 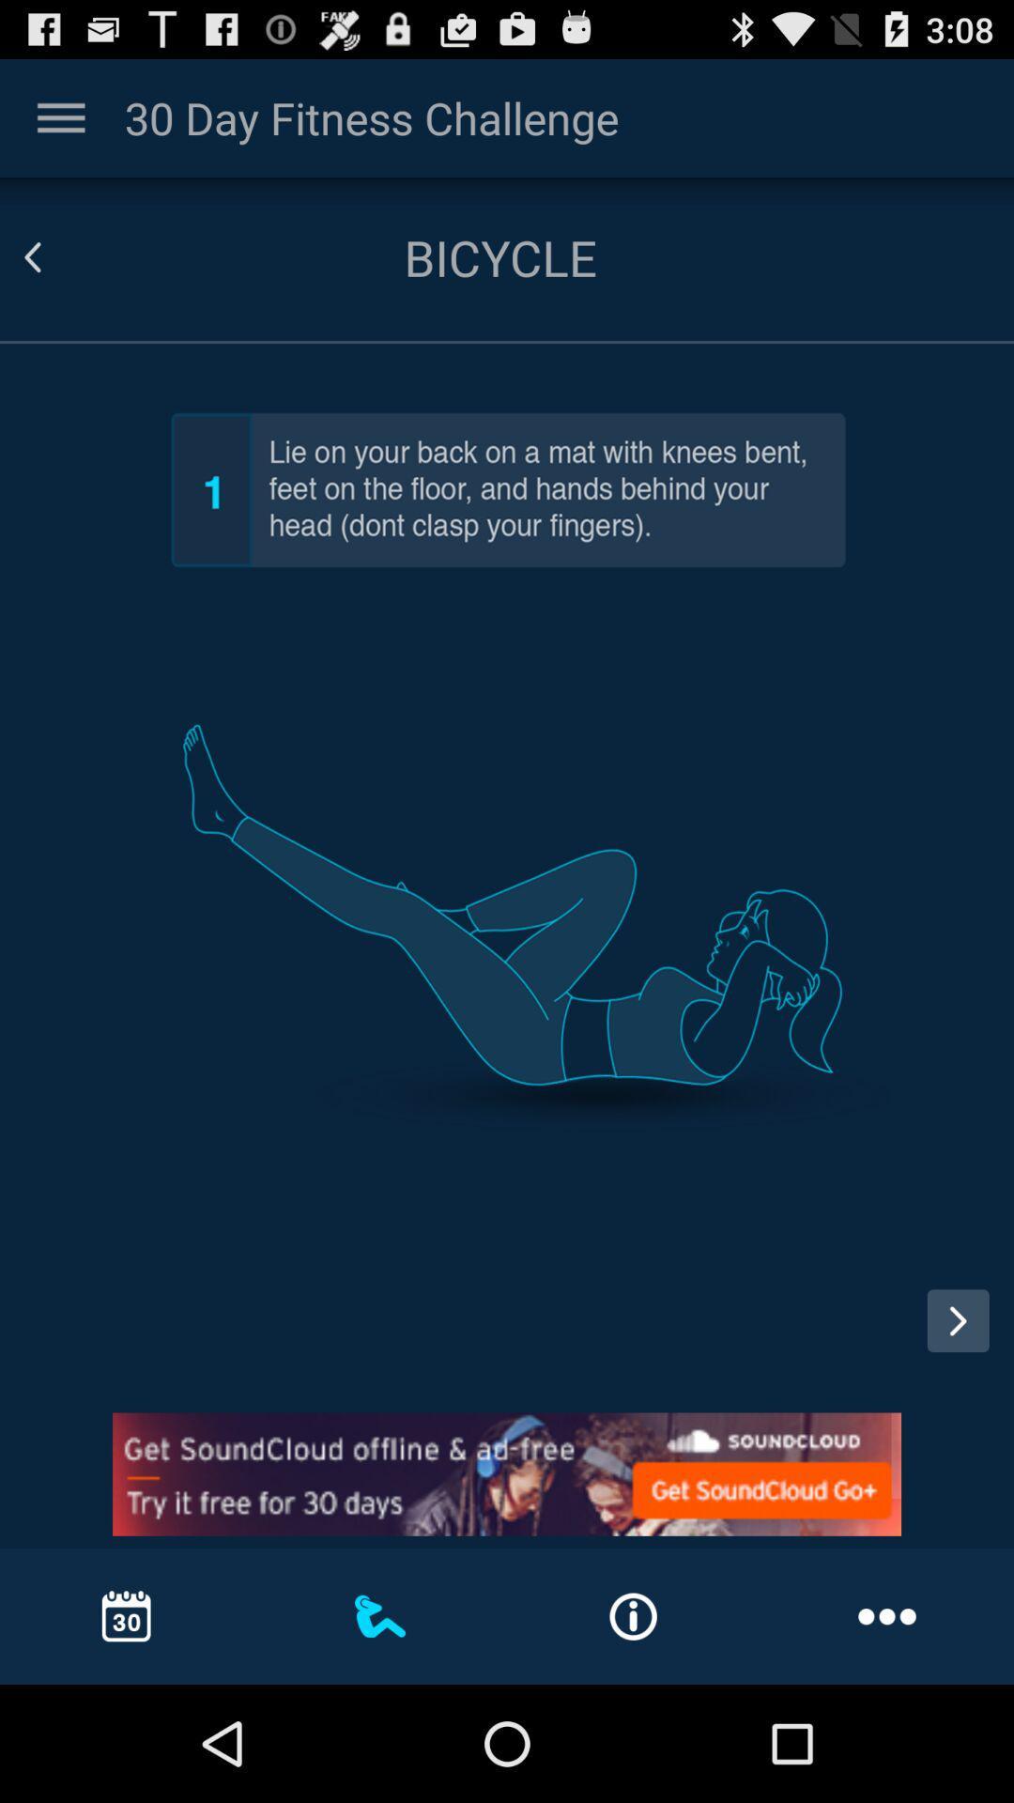 I want to click on the arrow_forward icon, so click(x=958, y=1413).